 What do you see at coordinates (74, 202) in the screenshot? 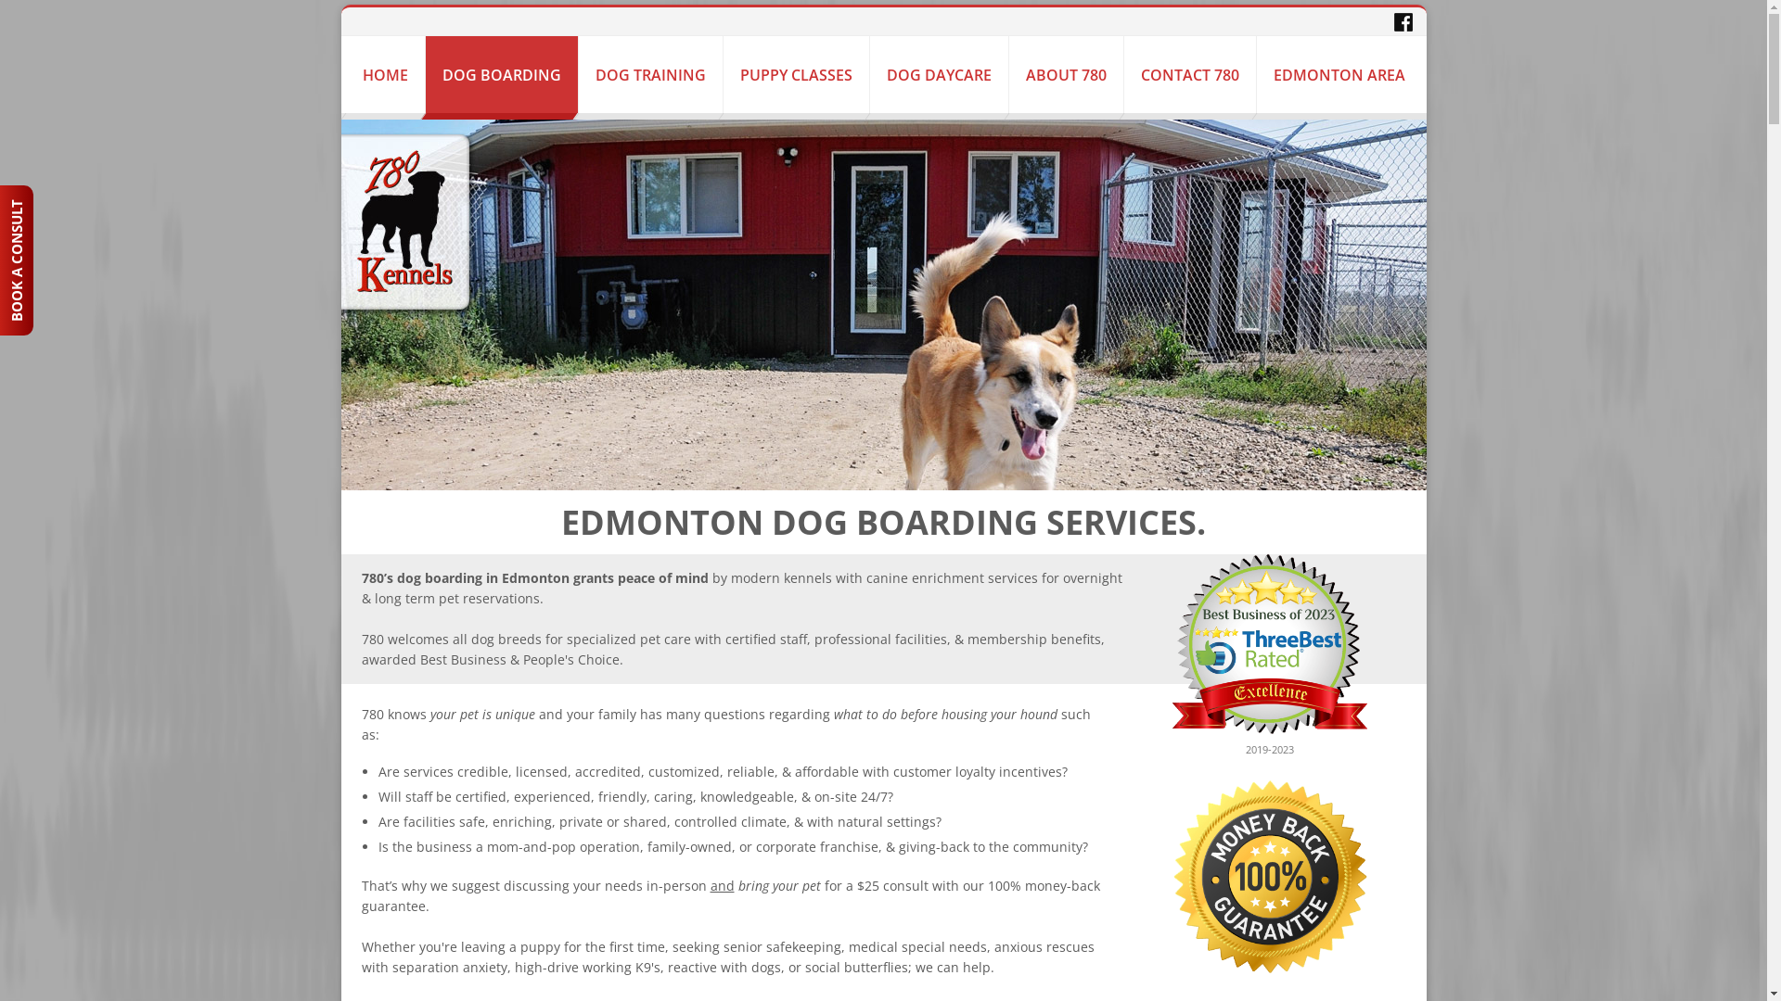
I see `'BOOK A CONSULT'` at bounding box center [74, 202].